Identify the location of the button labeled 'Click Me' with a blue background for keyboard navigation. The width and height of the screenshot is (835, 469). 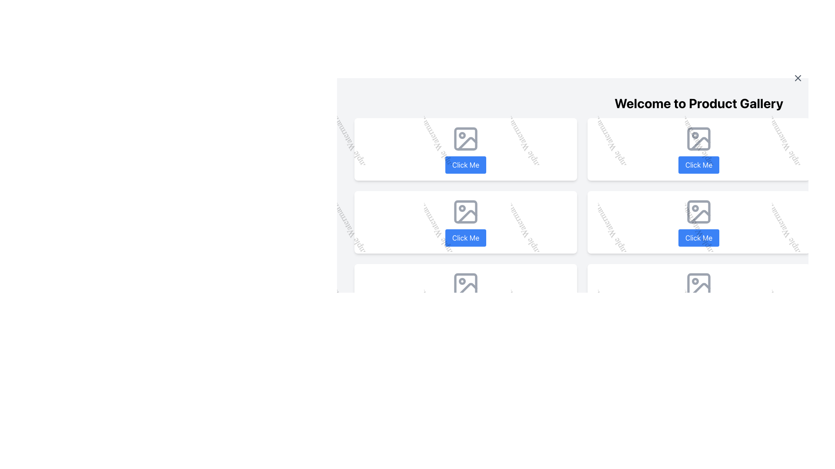
(699, 222).